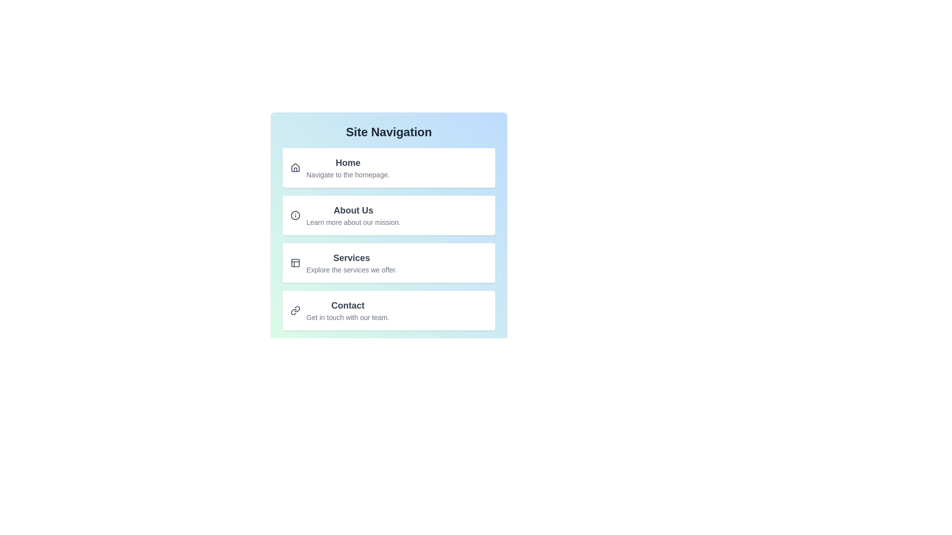 Image resolution: width=952 pixels, height=535 pixels. What do you see at coordinates (388, 310) in the screenshot?
I see `the fourth item in the vertical navigation menu that serves as a link to the 'Contact' section, positioned below the 'Services' item` at bounding box center [388, 310].